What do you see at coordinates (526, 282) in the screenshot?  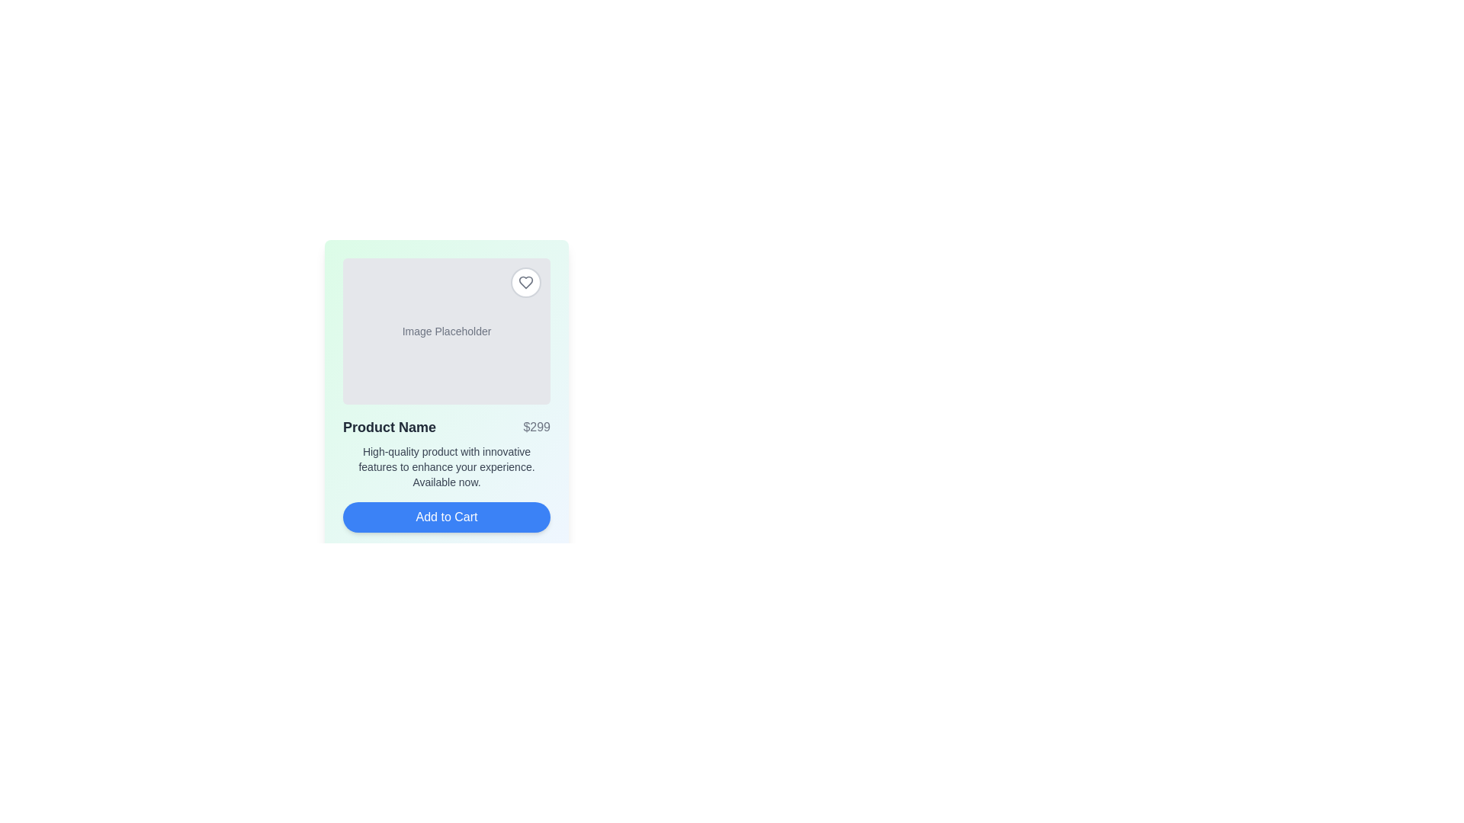 I see `the circular button with a heart icon at the top-right corner of the 'Image Placeholder' component` at bounding box center [526, 282].